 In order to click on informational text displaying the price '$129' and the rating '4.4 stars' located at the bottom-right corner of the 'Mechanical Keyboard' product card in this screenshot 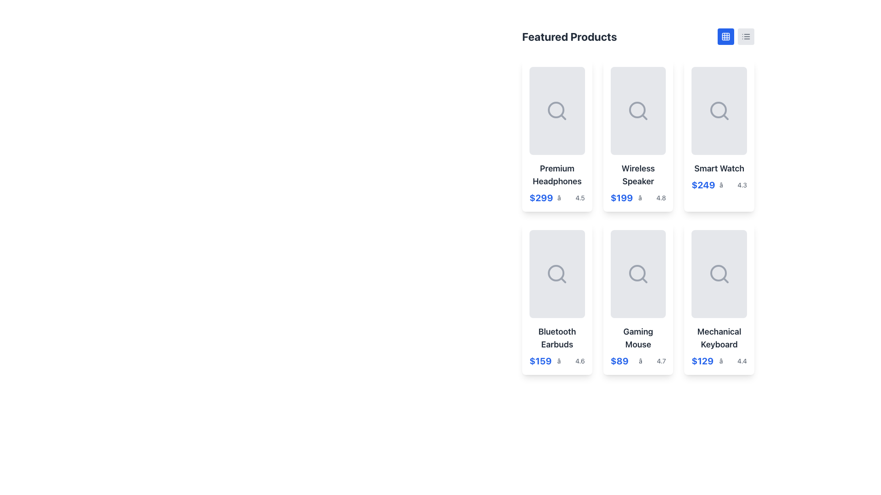, I will do `click(719, 360)`.